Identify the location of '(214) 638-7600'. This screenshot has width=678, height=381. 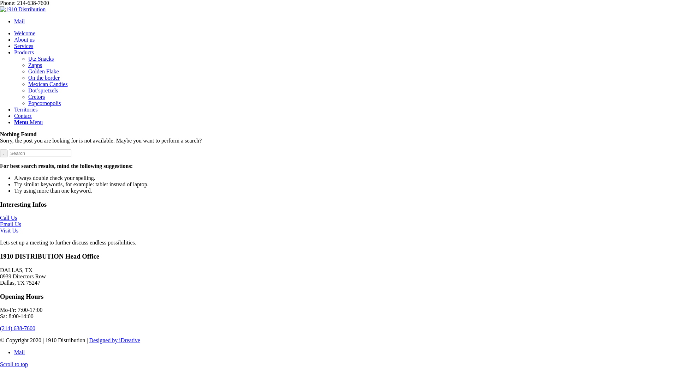
(17, 328).